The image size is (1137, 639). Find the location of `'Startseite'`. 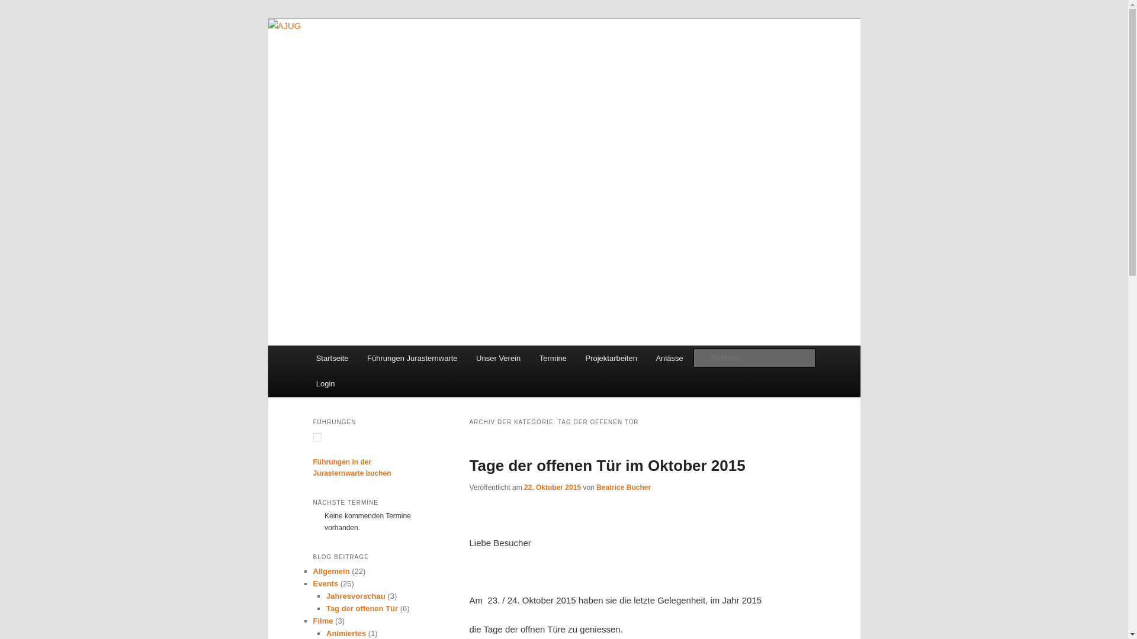

'Startseite' is located at coordinates (332, 357).